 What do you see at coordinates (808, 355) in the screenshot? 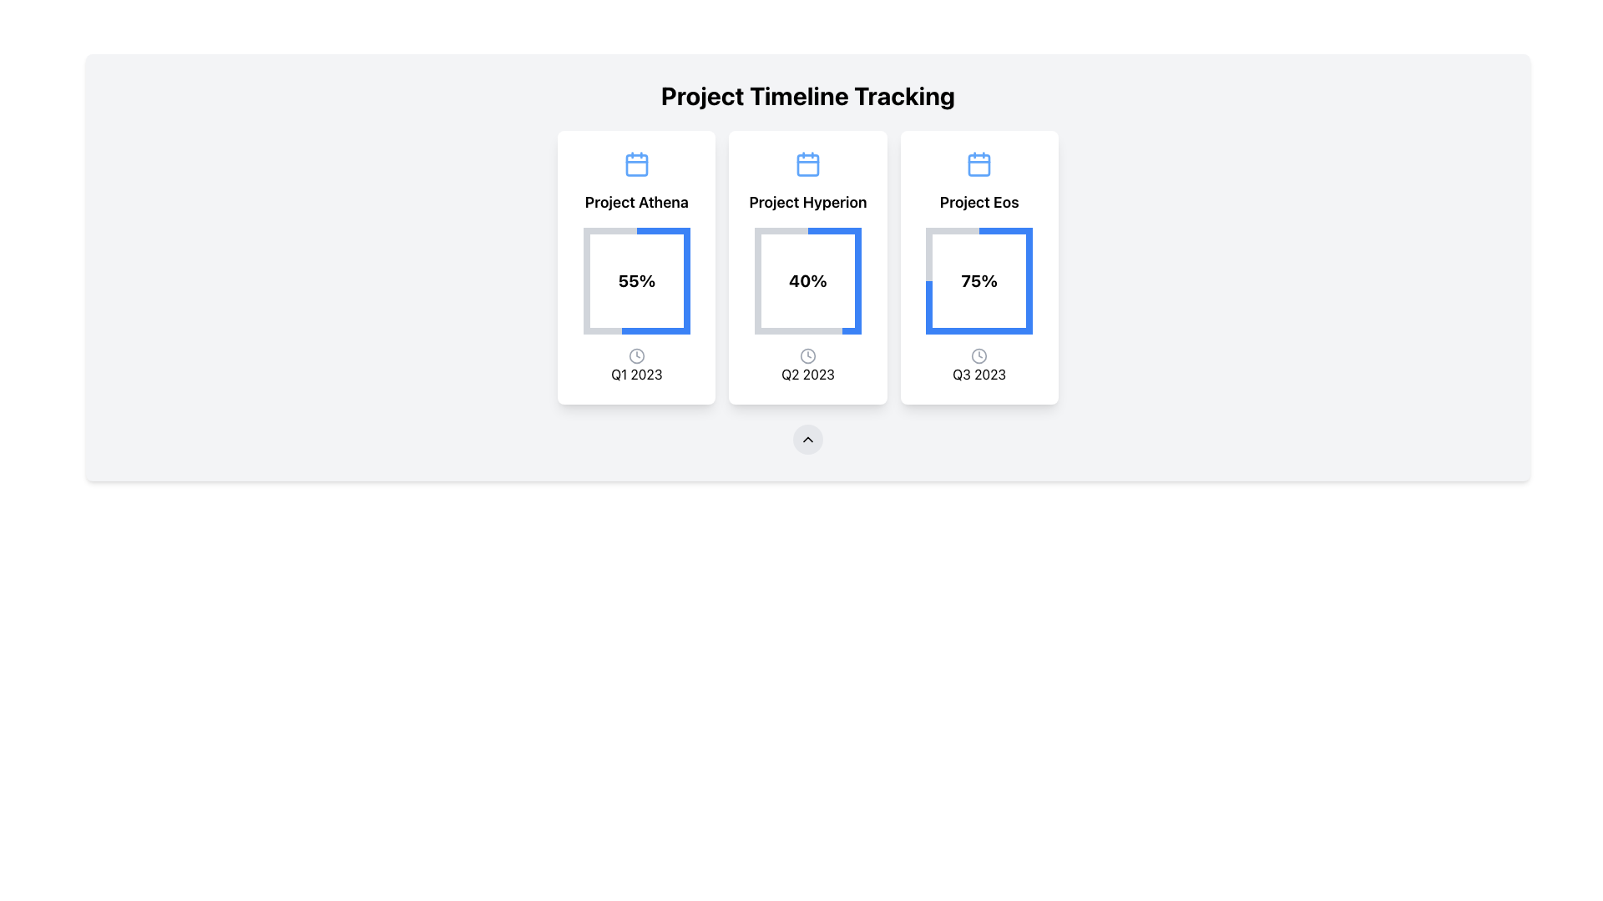
I see `the clock icon located in the center of the third card in the three-card layout, which is styled in a simple line-art design and is positioned below the progress graphic of 'Project Hyperion'` at bounding box center [808, 355].